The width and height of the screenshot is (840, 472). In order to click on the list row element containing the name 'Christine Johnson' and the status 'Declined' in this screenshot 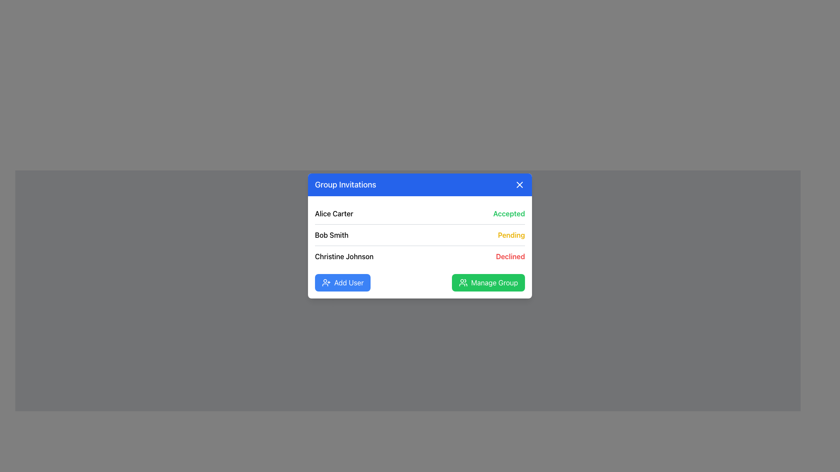, I will do `click(420, 256)`.